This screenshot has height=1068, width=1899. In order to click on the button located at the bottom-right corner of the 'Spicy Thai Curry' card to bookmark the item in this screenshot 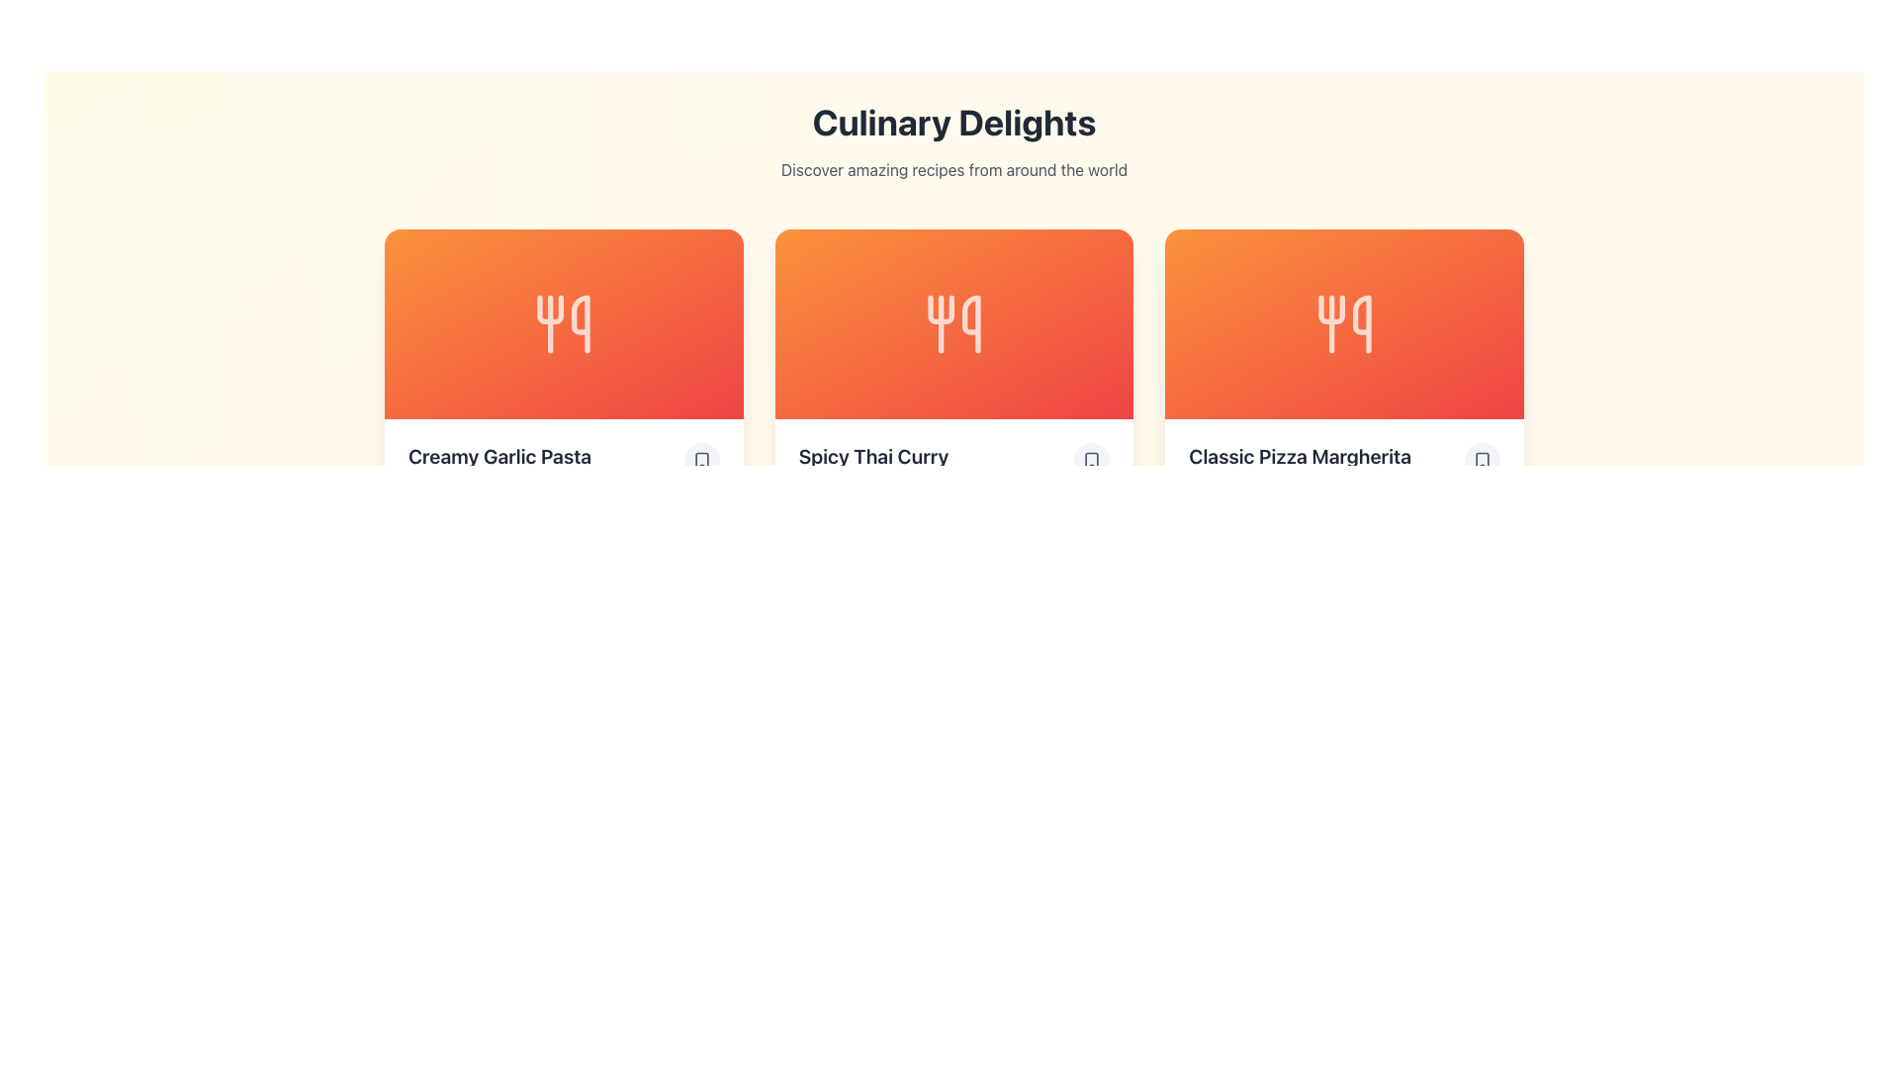, I will do `click(1091, 461)`.